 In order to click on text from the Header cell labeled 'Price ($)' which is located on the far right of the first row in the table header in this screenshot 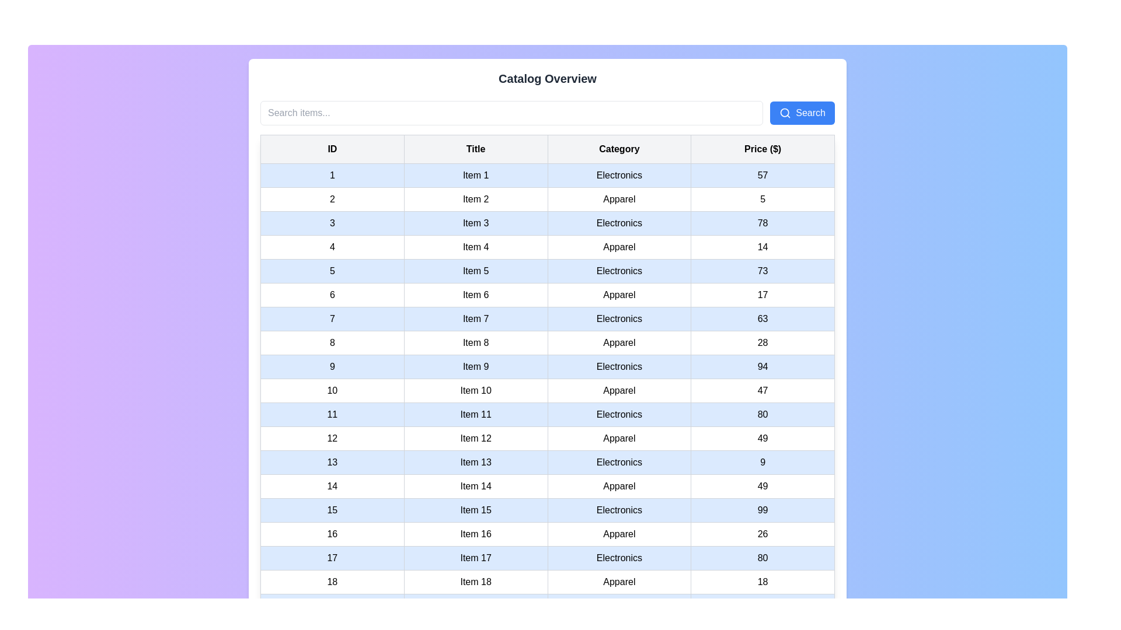, I will do `click(763, 148)`.